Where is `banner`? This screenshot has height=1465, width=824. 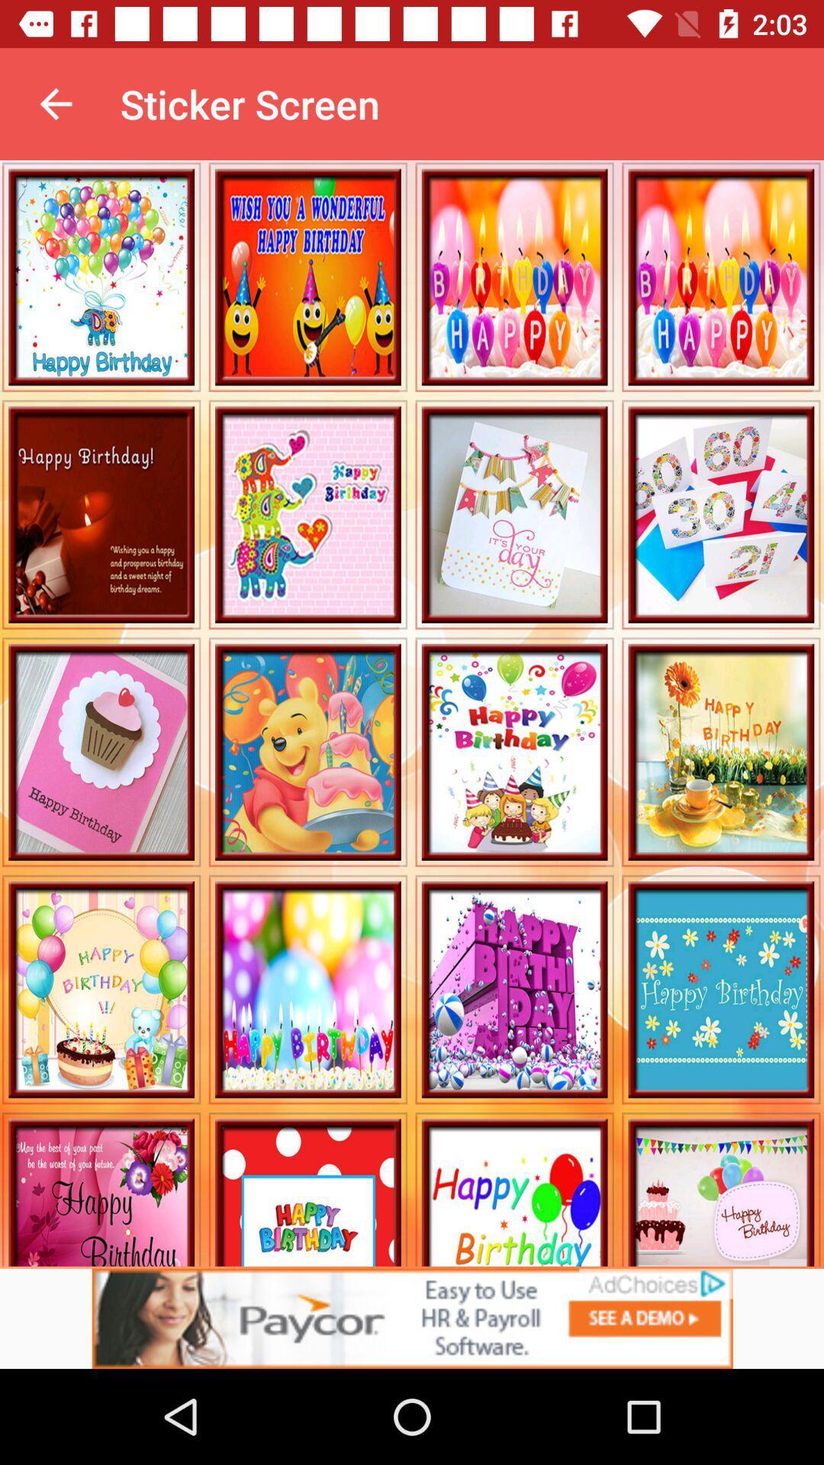
banner is located at coordinates (412, 1318).